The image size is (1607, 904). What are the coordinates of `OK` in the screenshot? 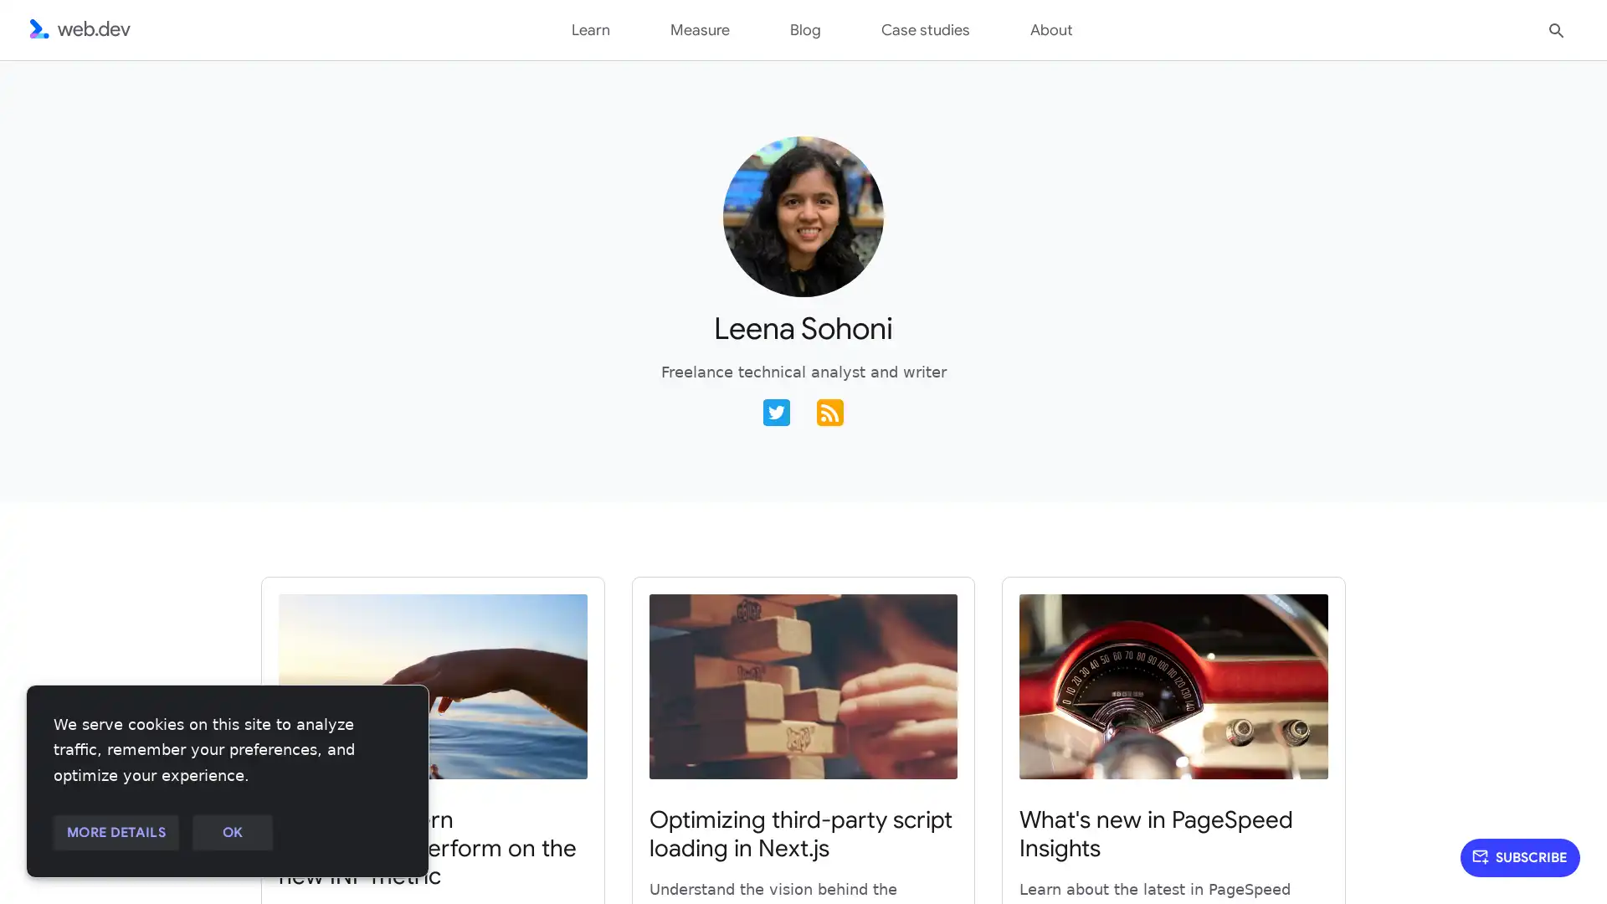 It's located at (231, 833).